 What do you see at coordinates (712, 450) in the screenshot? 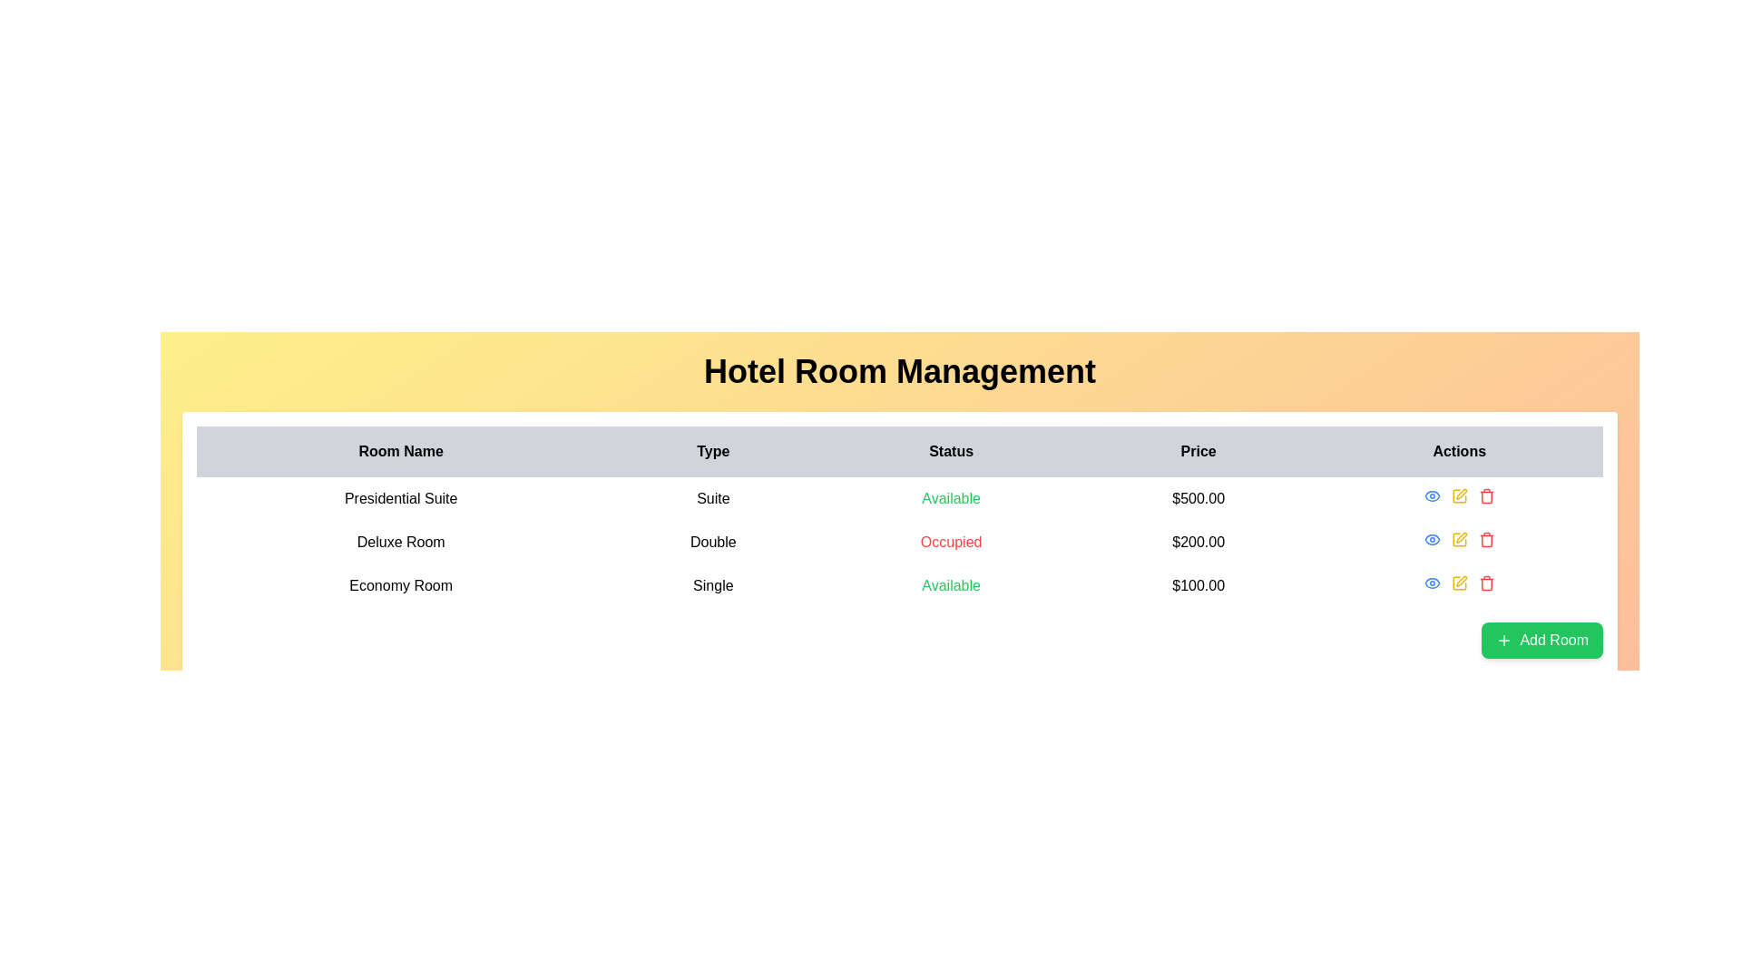
I see `displayed text in the 'Type' table header, which is styled with a bold black font and is part of a gray horizontal bar, located between 'Room Name' and 'Status'` at bounding box center [712, 450].